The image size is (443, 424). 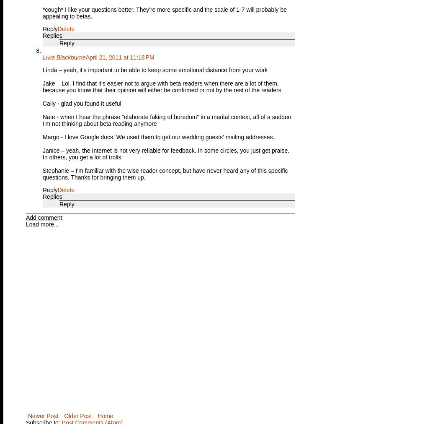 What do you see at coordinates (77, 416) in the screenshot?
I see `'Older Post'` at bounding box center [77, 416].